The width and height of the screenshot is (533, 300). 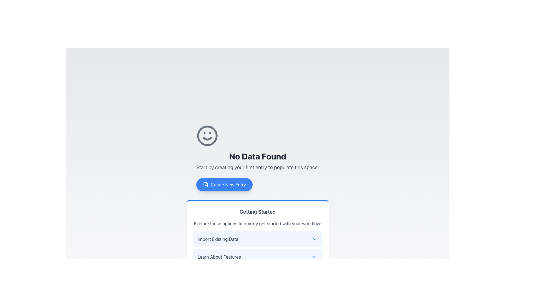 I want to click on the smile graphic that represents the mouth of the smiley face icon located towards the lower part of the circular icon, so click(x=207, y=138).